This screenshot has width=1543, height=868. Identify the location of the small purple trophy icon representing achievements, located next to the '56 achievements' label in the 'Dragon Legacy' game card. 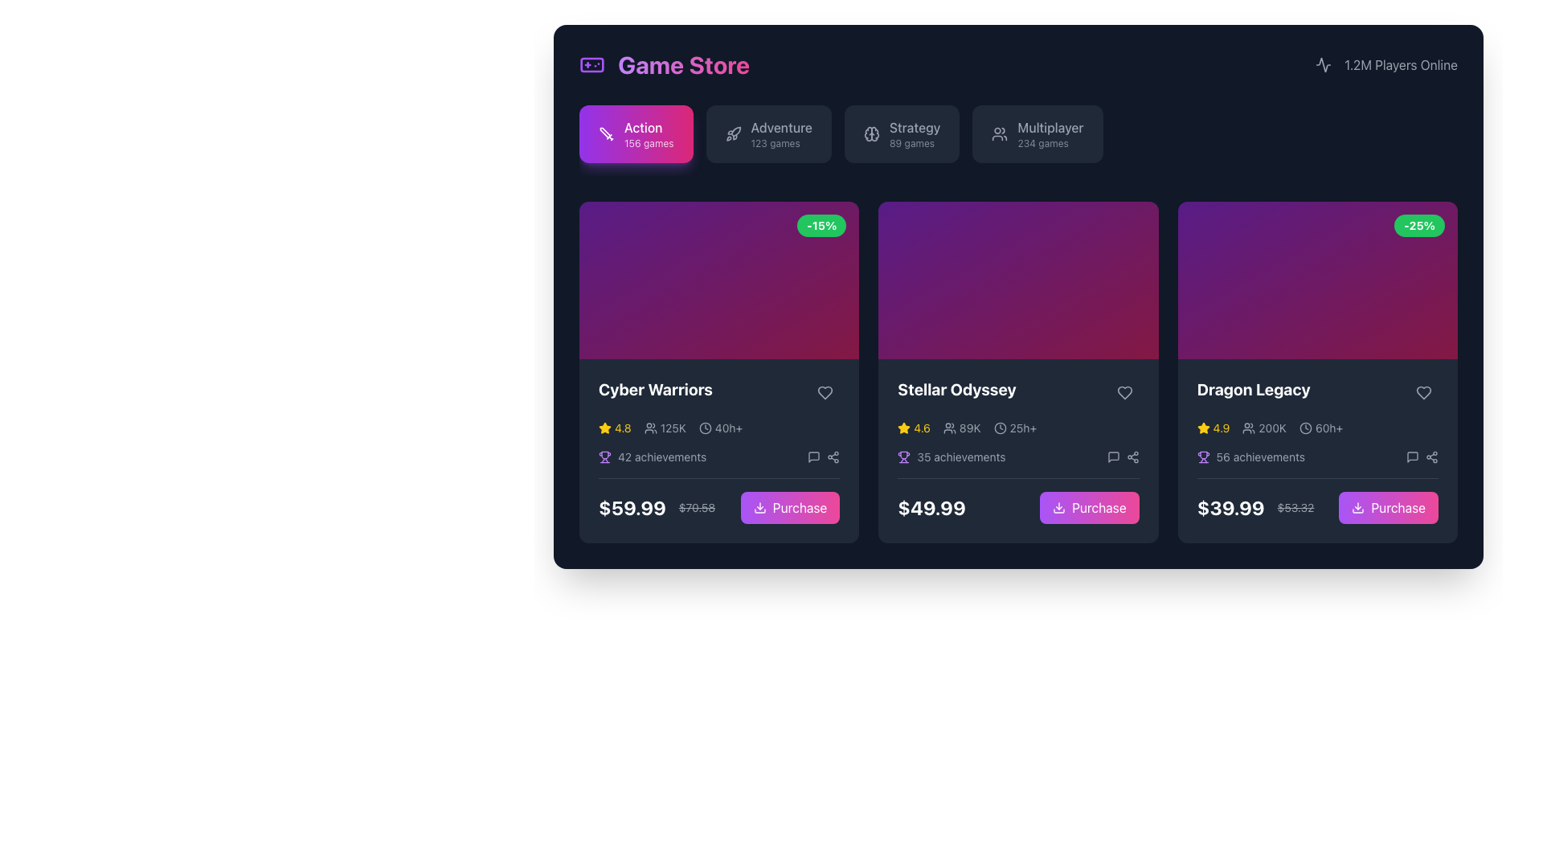
(1203, 457).